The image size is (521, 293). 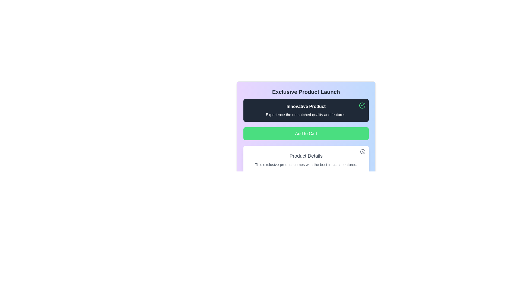 What do you see at coordinates (306, 114) in the screenshot?
I see `the text display that reads 'Experience the unmatched quality and features.', which is positioned beneath the bold text 'Innovative Product'` at bounding box center [306, 114].